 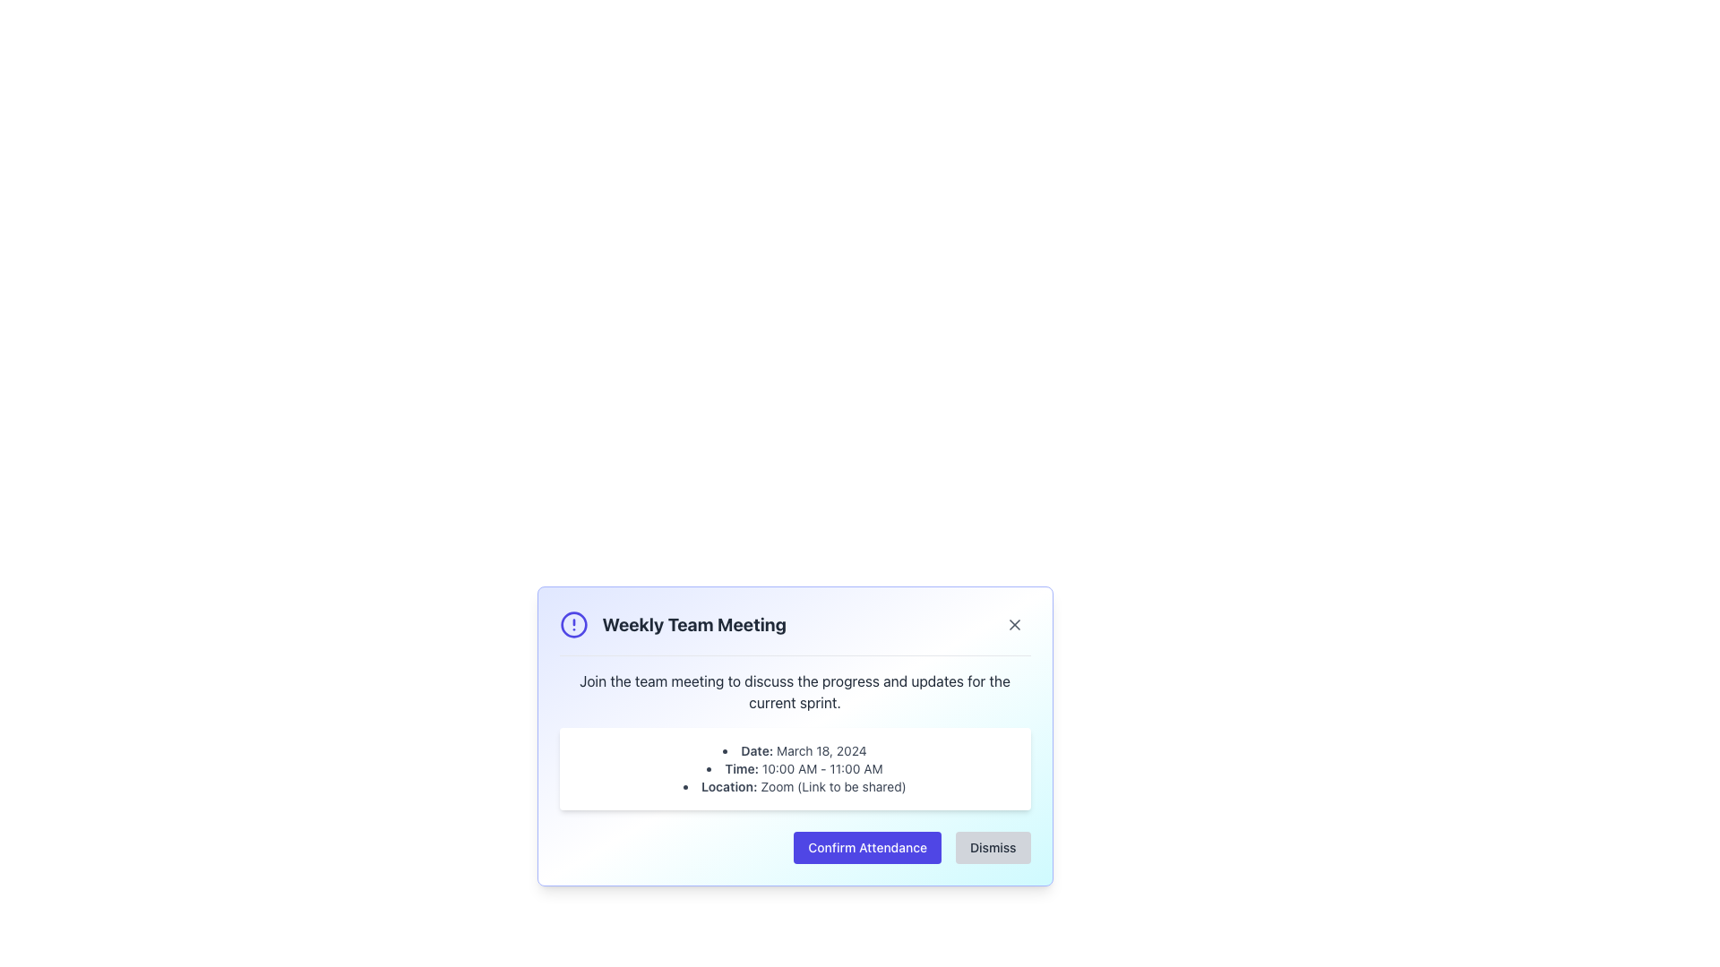 What do you see at coordinates (672, 624) in the screenshot?
I see `or highlight the Header with icon that indicates the Weekly Team Meeting in the modal` at bounding box center [672, 624].